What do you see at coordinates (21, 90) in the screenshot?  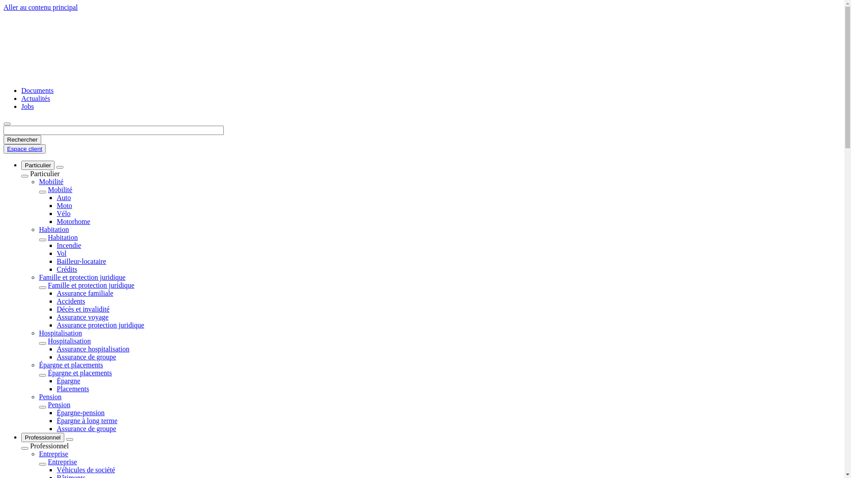 I see `'Documents'` at bounding box center [21, 90].